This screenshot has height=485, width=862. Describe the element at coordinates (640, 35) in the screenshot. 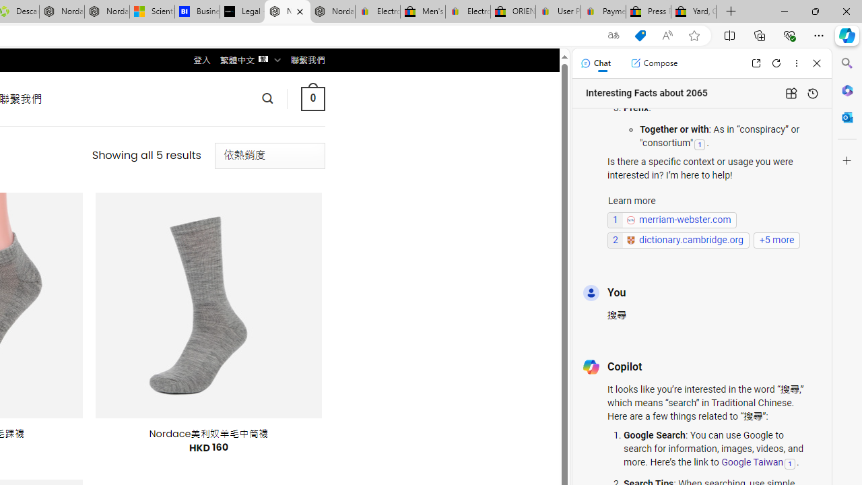

I see `'This site has coupons! Shopping in Microsoft Edge'` at that location.